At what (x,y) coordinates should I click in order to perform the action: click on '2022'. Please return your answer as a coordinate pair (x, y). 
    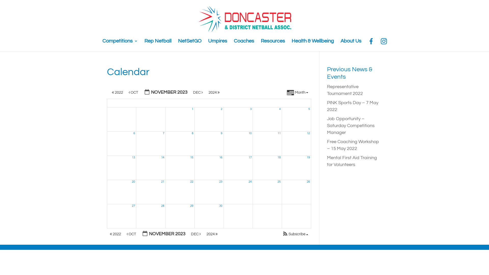
    Looking at the image, I should click on (115, 234).